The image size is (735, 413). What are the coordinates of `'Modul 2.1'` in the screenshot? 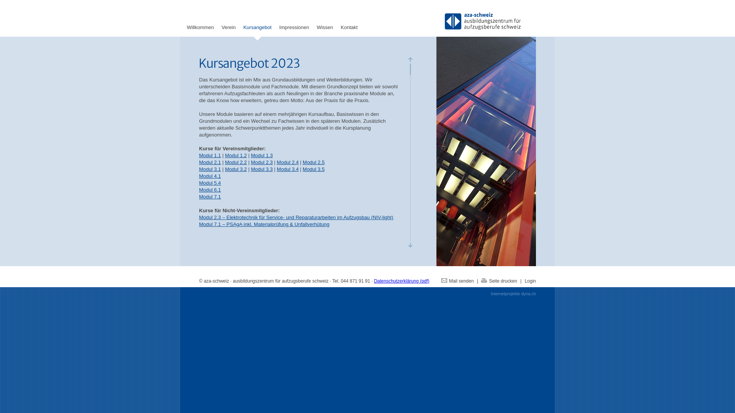 It's located at (210, 162).